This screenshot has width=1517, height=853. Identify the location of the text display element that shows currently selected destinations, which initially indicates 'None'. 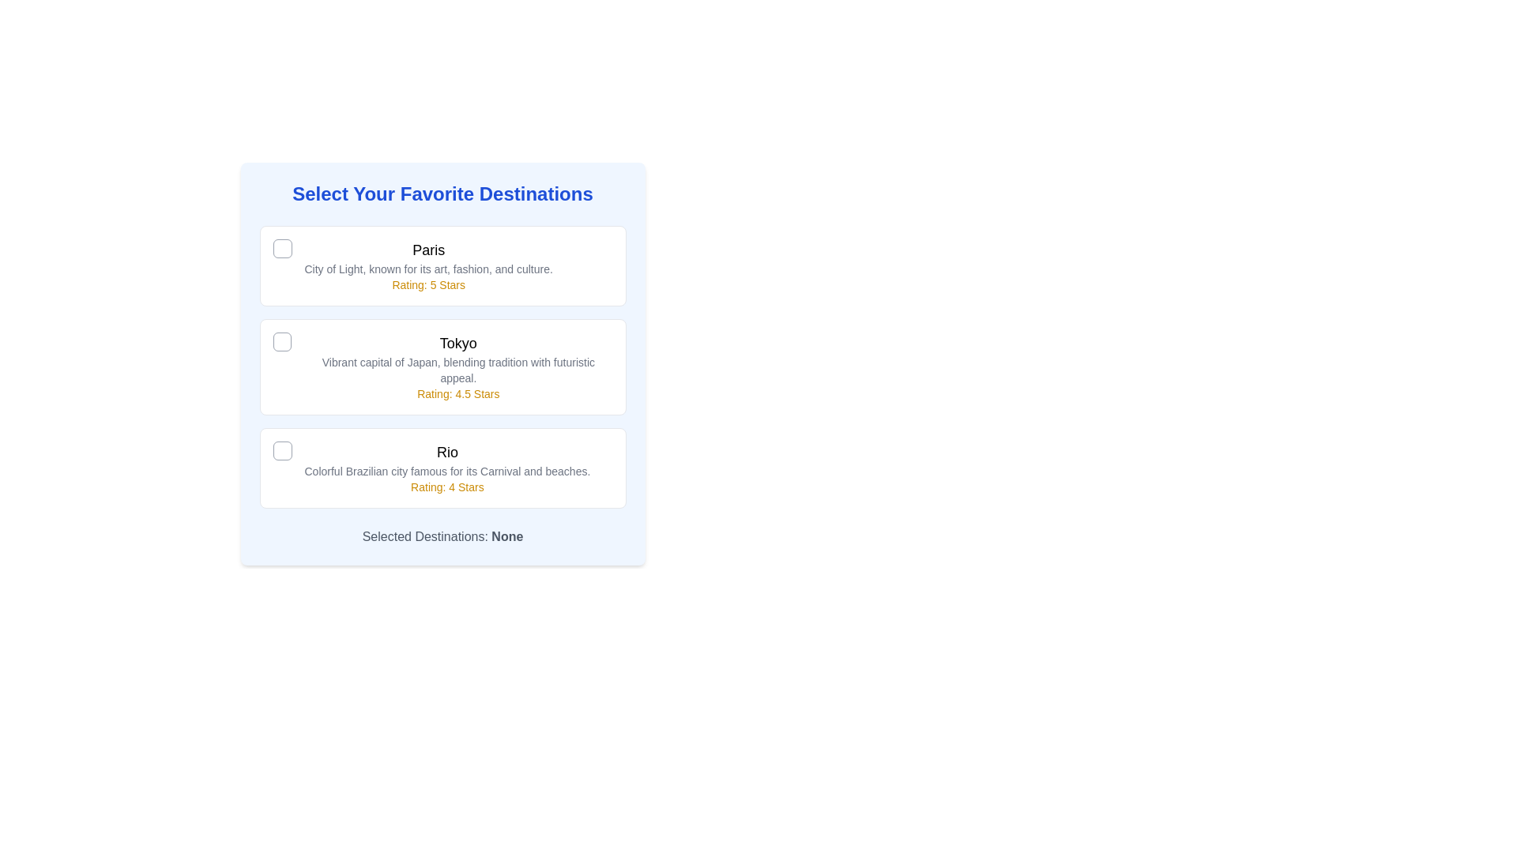
(442, 535).